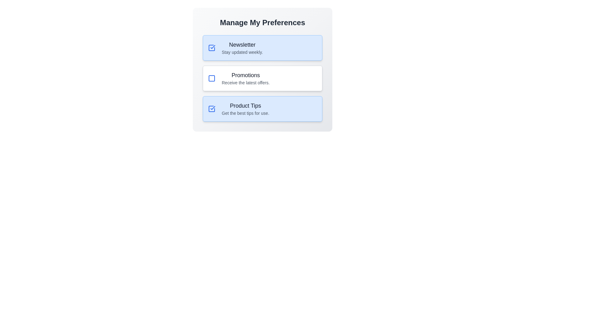 This screenshot has height=336, width=598. What do you see at coordinates (212, 48) in the screenshot?
I see `the blue square checkbox icon with a checkmark next to the 'Newsletter' label` at bounding box center [212, 48].